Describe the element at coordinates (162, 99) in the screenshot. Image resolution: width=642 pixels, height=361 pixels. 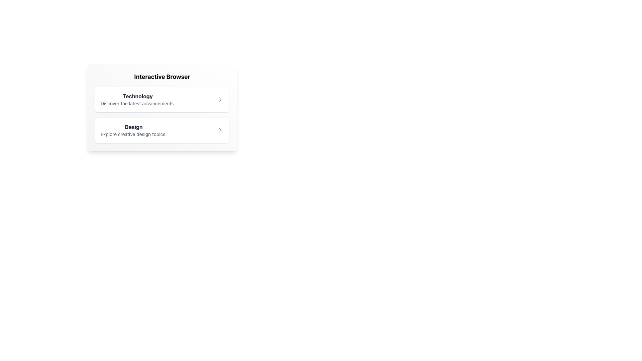
I see `the first item in the vertical list that serves as a navigation button for the 'Technology' category` at that location.